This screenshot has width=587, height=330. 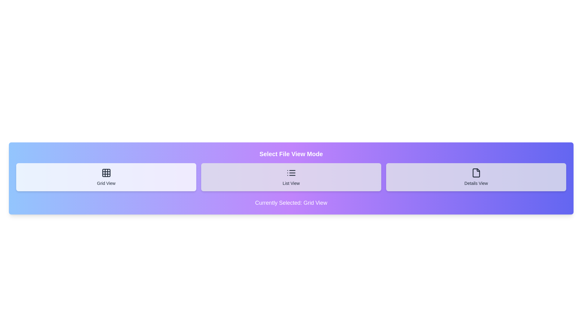 What do you see at coordinates (106, 177) in the screenshot?
I see `the button corresponding to the desired file view mode: Grid View` at bounding box center [106, 177].